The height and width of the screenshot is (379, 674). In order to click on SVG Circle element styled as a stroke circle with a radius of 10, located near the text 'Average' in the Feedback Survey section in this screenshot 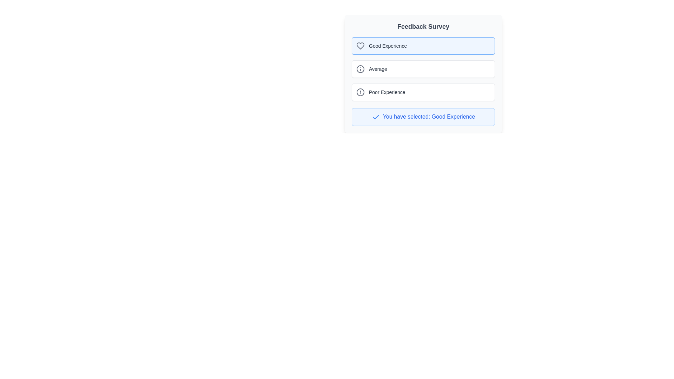, I will do `click(361, 69)`.